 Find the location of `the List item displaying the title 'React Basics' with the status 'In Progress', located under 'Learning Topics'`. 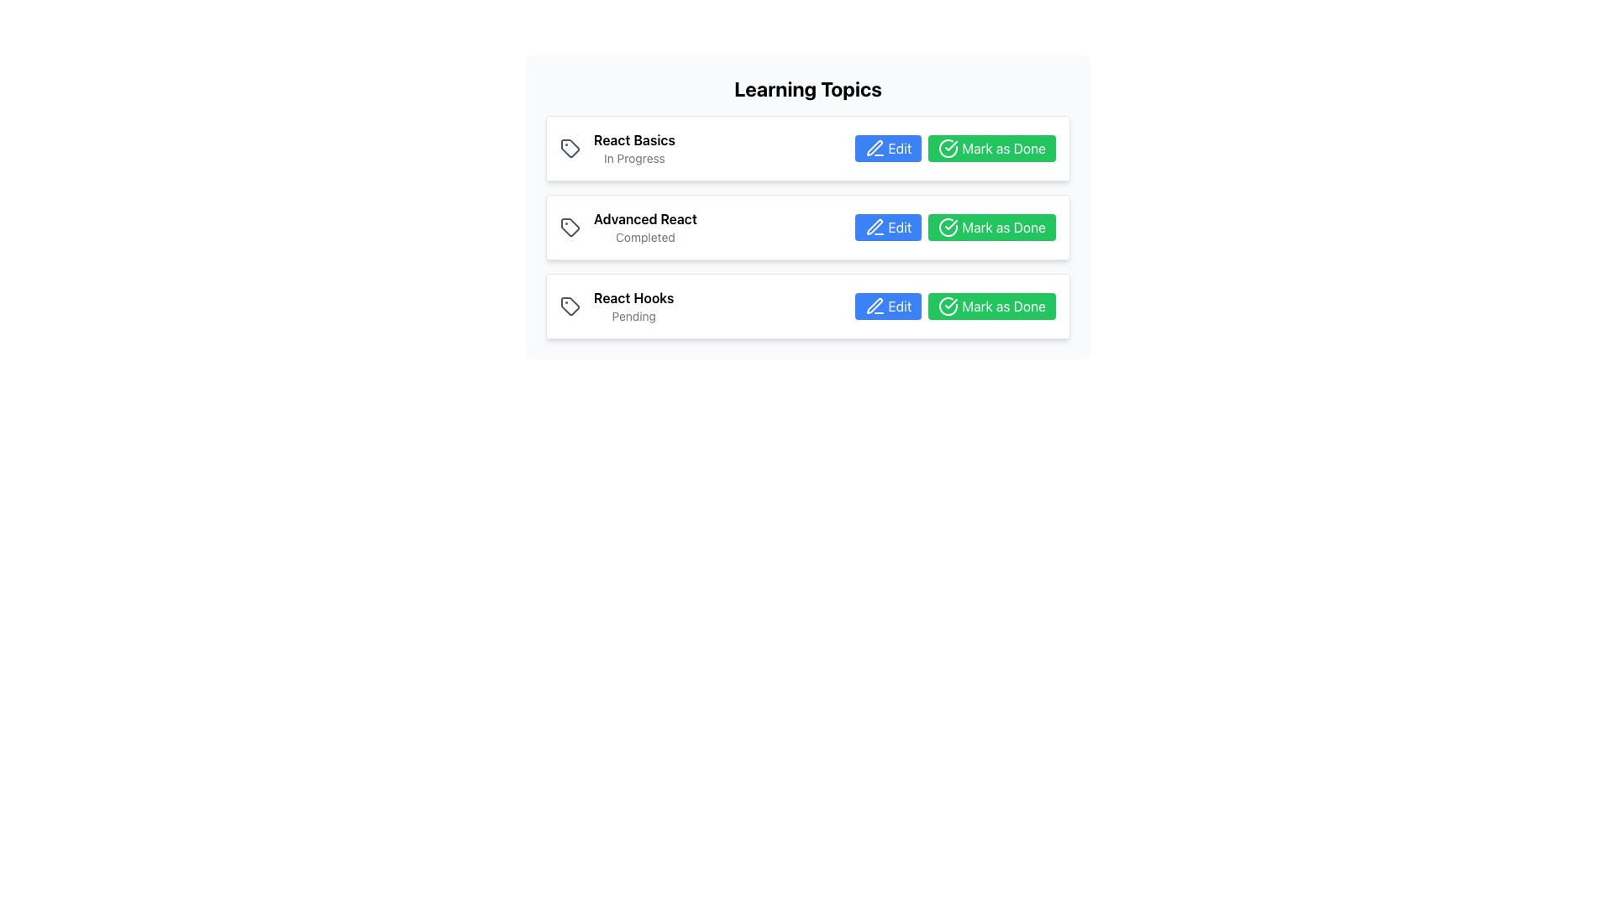

the List item displaying the title 'React Basics' with the status 'In Progress', located under 'Learning Topics' is located at coordinates (617, 148).